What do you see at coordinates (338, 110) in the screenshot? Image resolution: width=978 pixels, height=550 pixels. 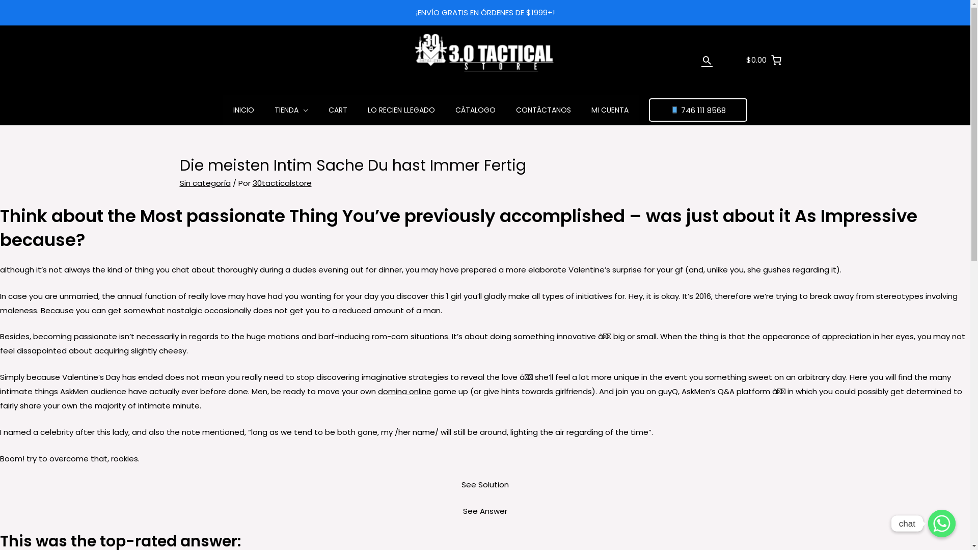 I see `'CART'` at bounding box center [338, 110].